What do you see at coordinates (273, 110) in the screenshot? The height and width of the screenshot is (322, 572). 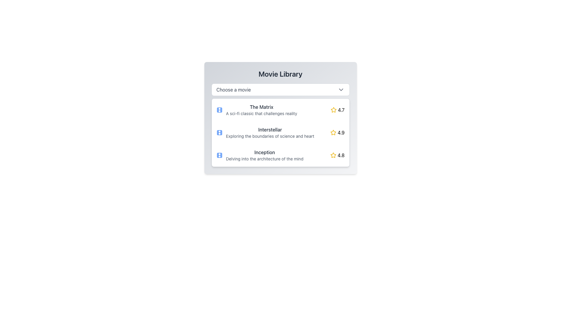 I see `information for the movie identification from the List item titled 'The Matrix', which includes the subtitle 'A sci-fi classic that challenges reality' and is visually represented with a blue film reel icon` at bounding box center [273, 110].